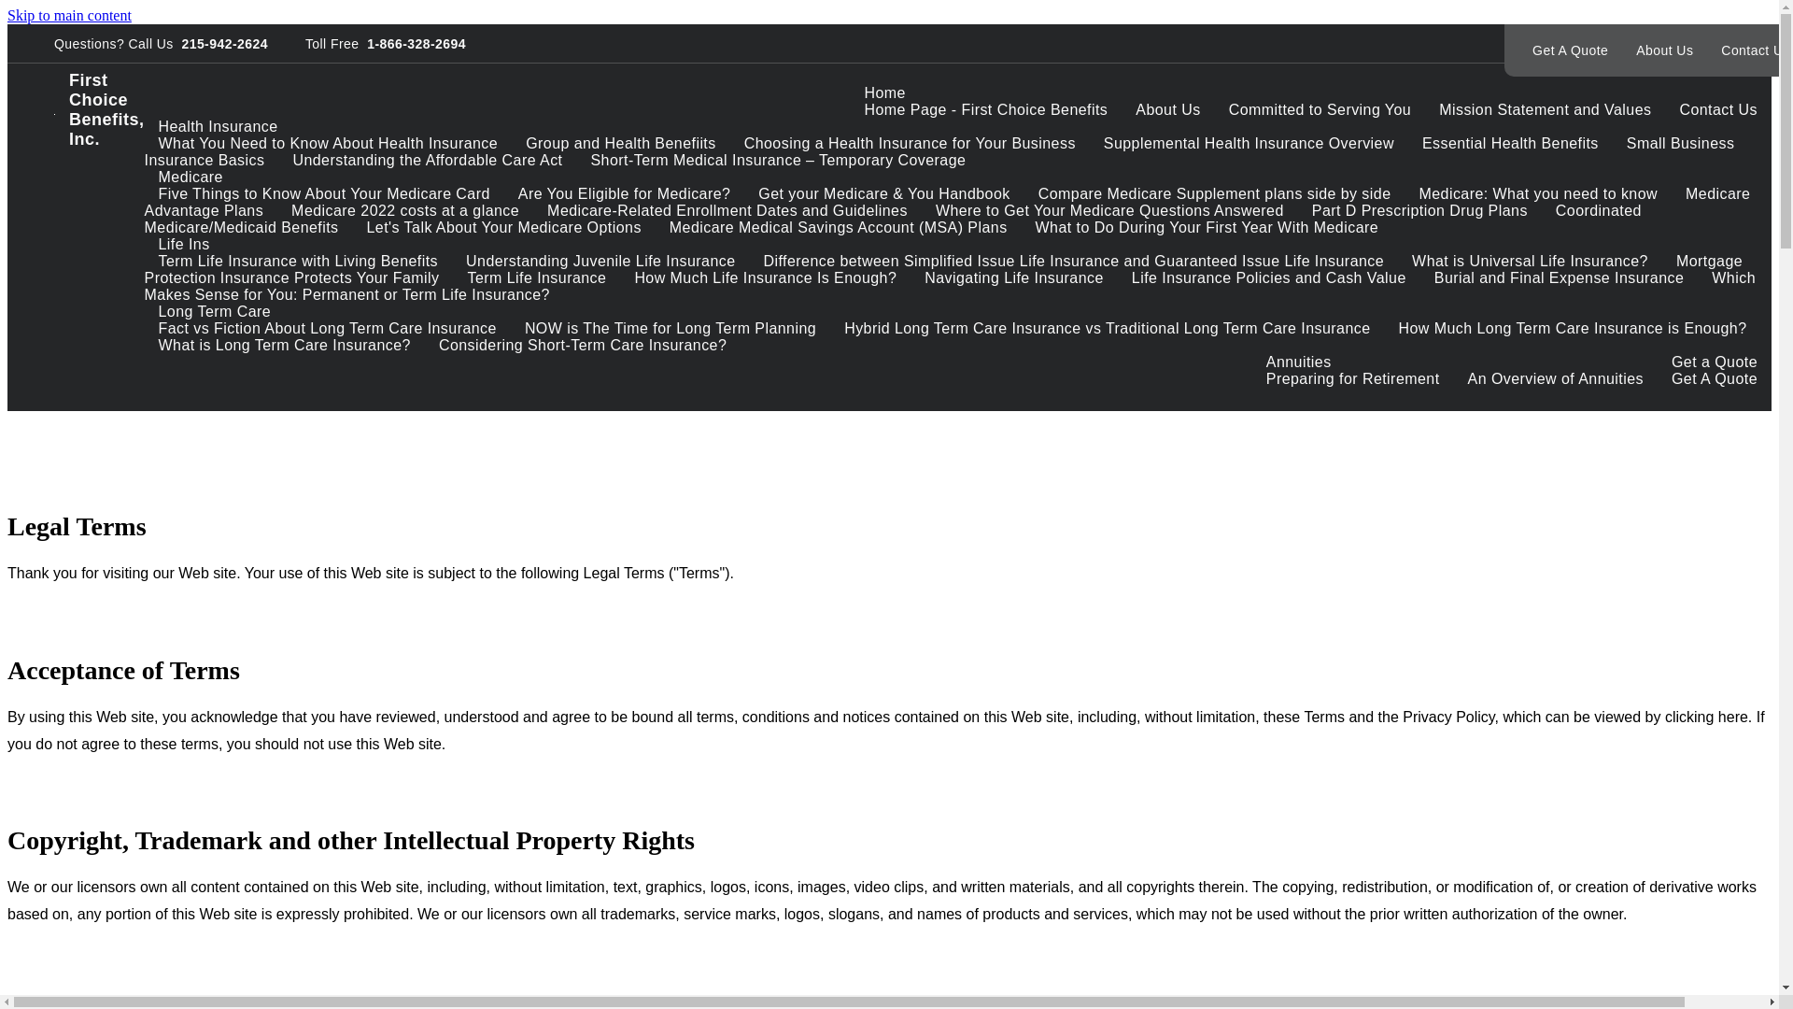  I want to click on 'What is Long Term Care Insurance?', so click(284, 345).